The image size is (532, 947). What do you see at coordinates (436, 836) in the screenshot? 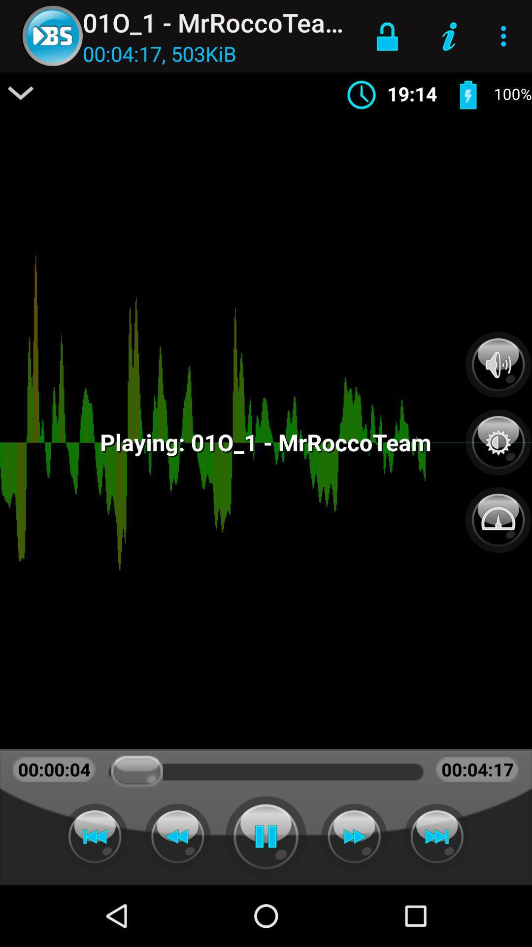
I see `next` at bounding box center [436, 836].